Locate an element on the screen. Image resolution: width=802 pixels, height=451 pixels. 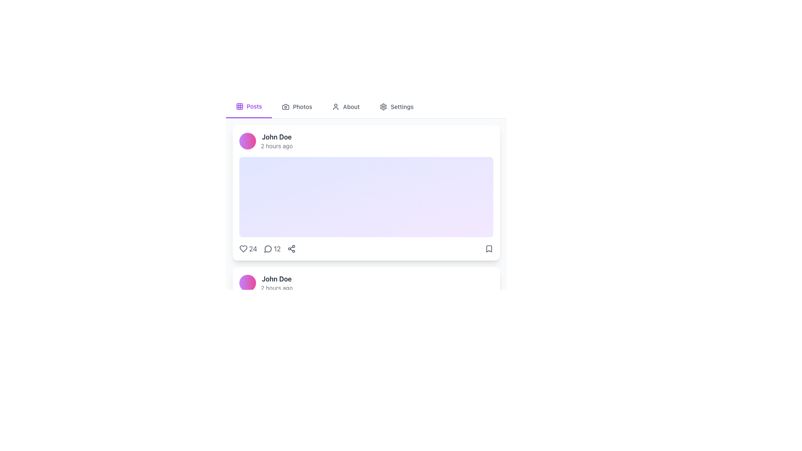
the camera icon in the navigation bar, which is part of the 'Photos' tab located second from the left is located at coordinates (286, 106).